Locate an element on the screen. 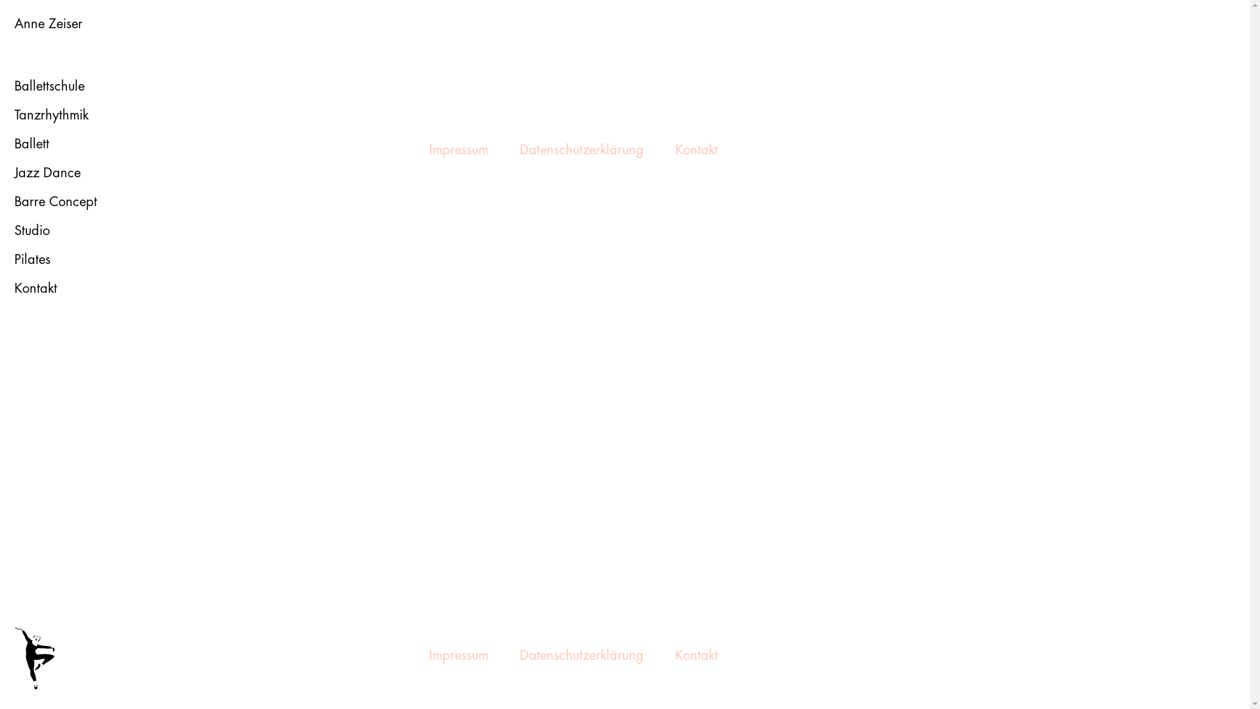  'Jazz Dance' is located at coordinates (47, 172).